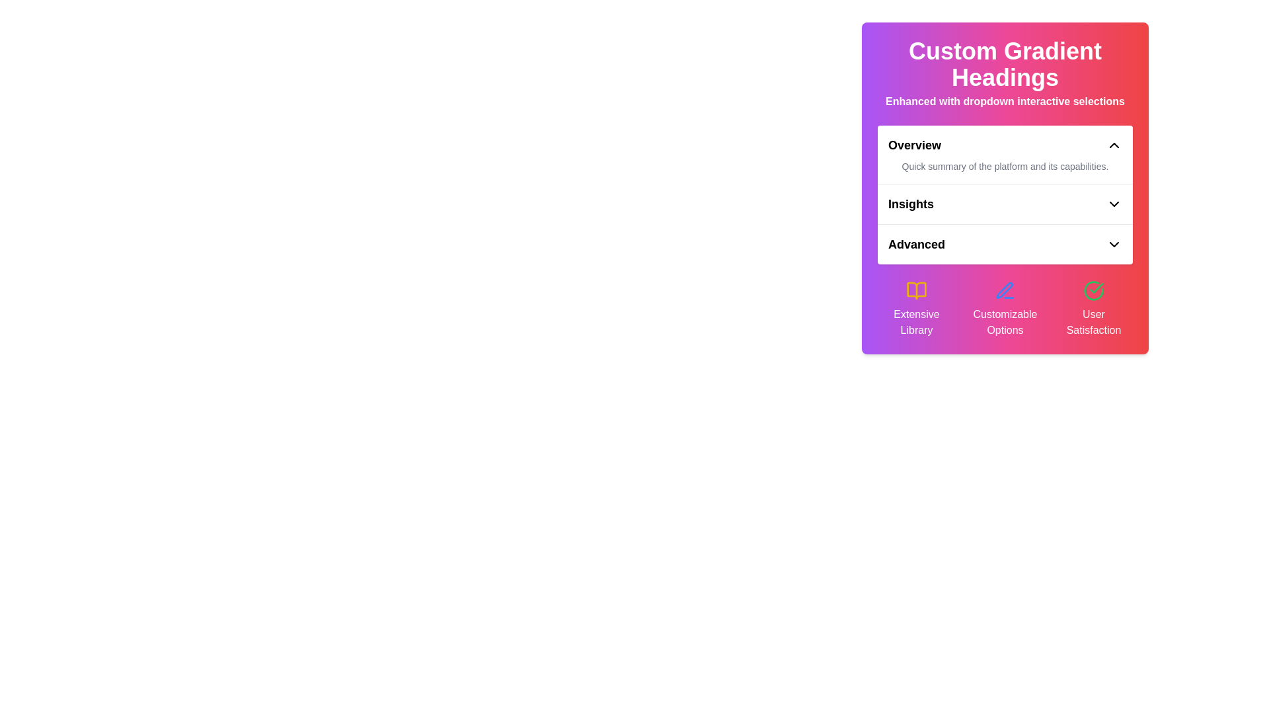  What do you see at coordinates (1005, 101) in the screenshot?
I see `the text label that serves as a subtitle for the 'Custom Gradient Headings', which provides additional context about dropdown menus` at bounding box center [1005, 101].